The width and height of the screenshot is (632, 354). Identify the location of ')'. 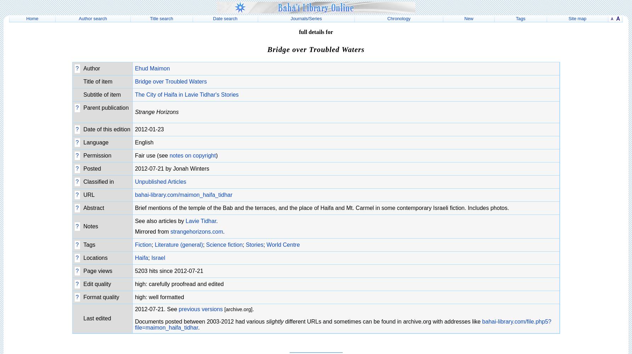
(217, 155).